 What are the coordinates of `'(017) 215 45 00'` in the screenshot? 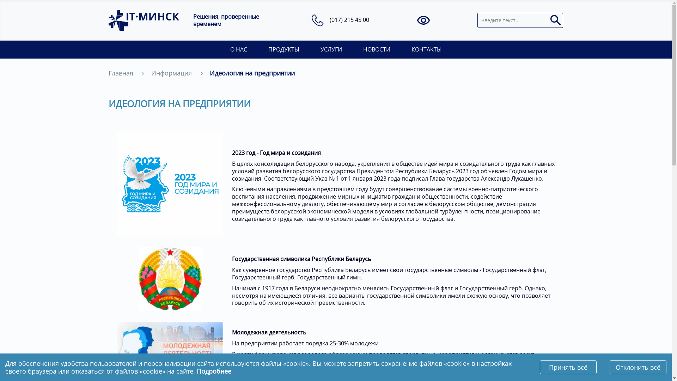 It's located at (329, 19).